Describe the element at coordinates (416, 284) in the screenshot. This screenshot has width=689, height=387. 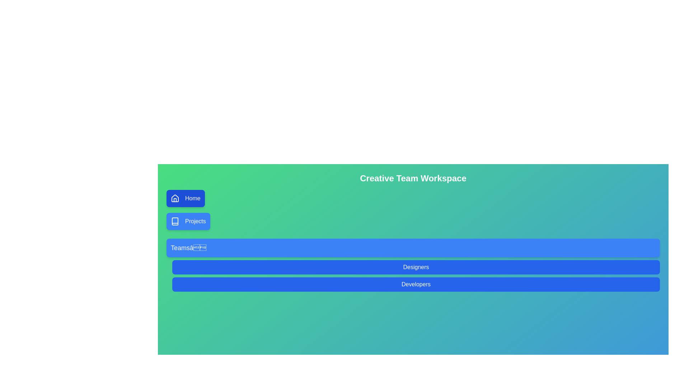
I see `the non-interactive button-like static UI element that serves as a category identifier, located beneath the 'Designers' button` at that location.